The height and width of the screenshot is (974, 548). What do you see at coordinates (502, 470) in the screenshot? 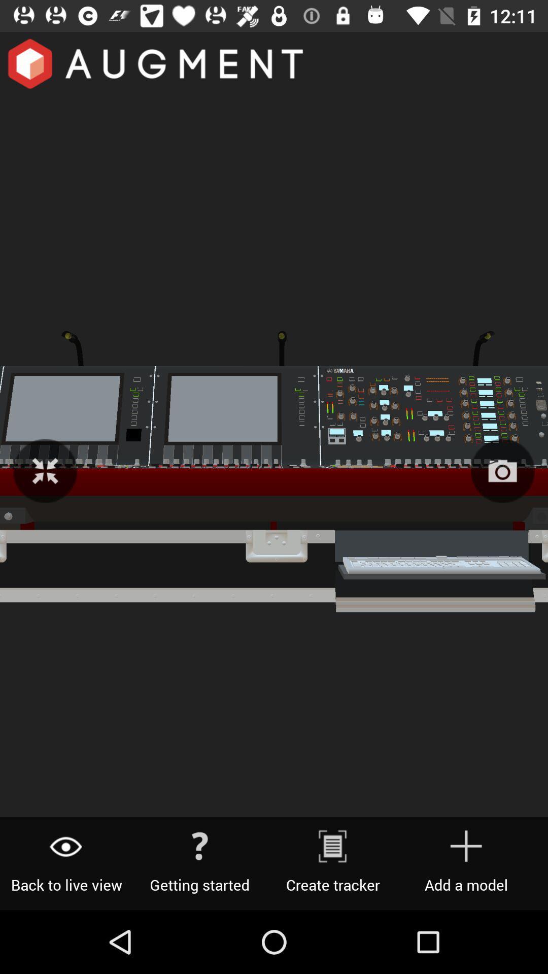
I see `camera option` at bounding box center [502, 470].